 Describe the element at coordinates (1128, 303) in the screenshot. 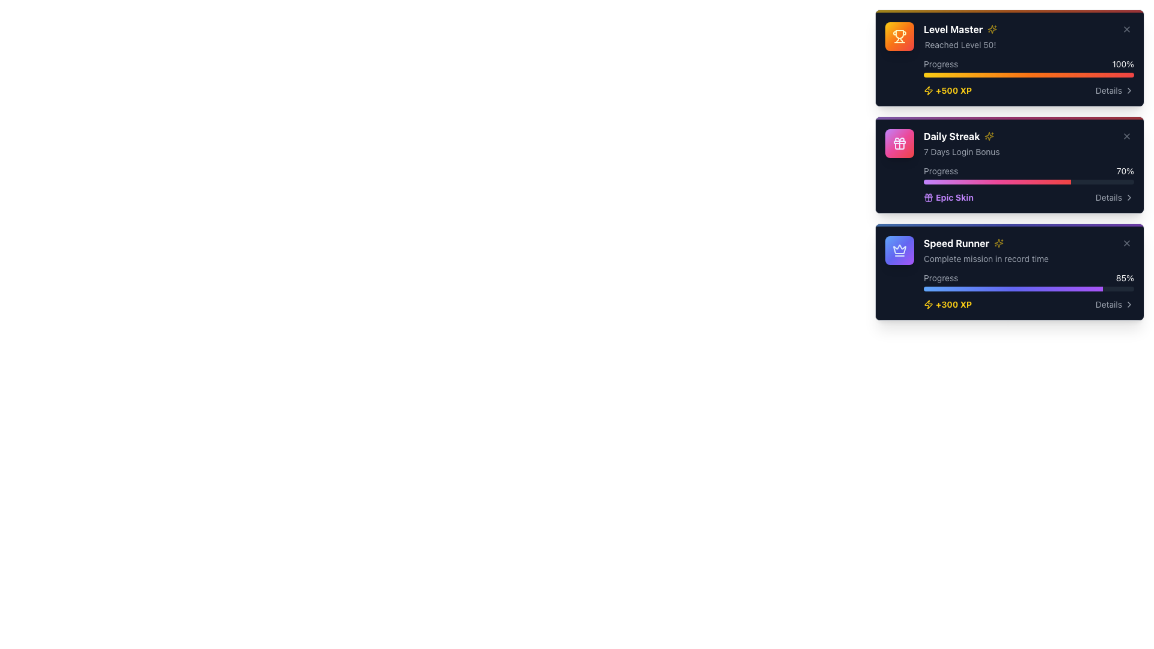

I see `the right-facing chevron icon located in the 'Details' section of the 'Speed Runner' card to get visual feedback` at that location.